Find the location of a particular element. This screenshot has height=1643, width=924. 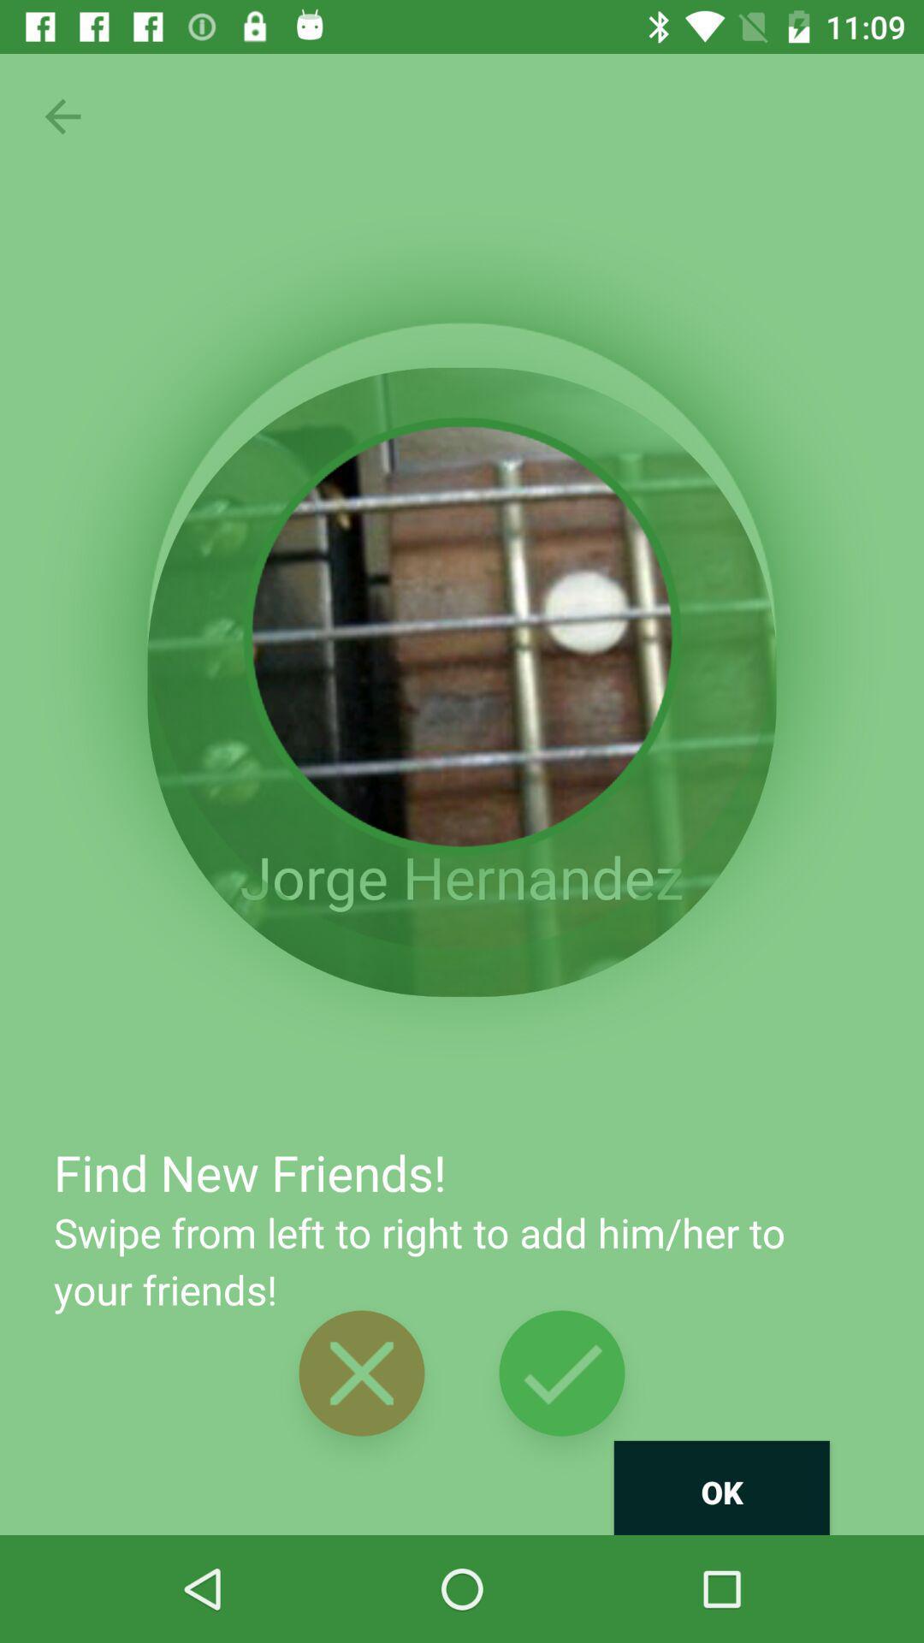

the right mark is located at coordinates (562, 1373).